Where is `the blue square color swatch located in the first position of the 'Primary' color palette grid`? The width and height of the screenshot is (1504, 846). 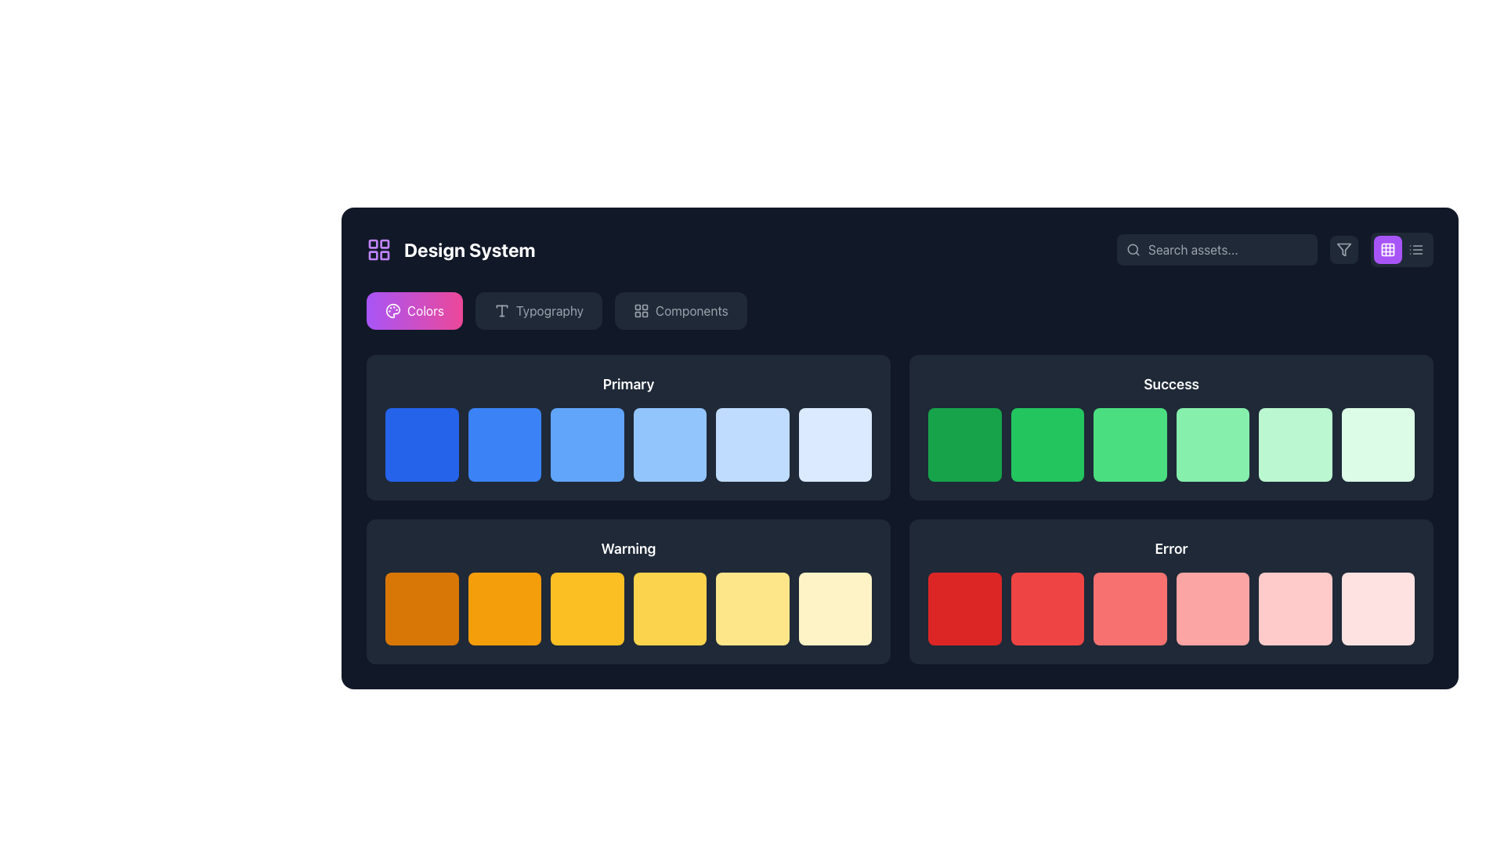
the blue square color swatch located in the first position of the 'Primary' color palette grid is located at coordinates (421, 444).